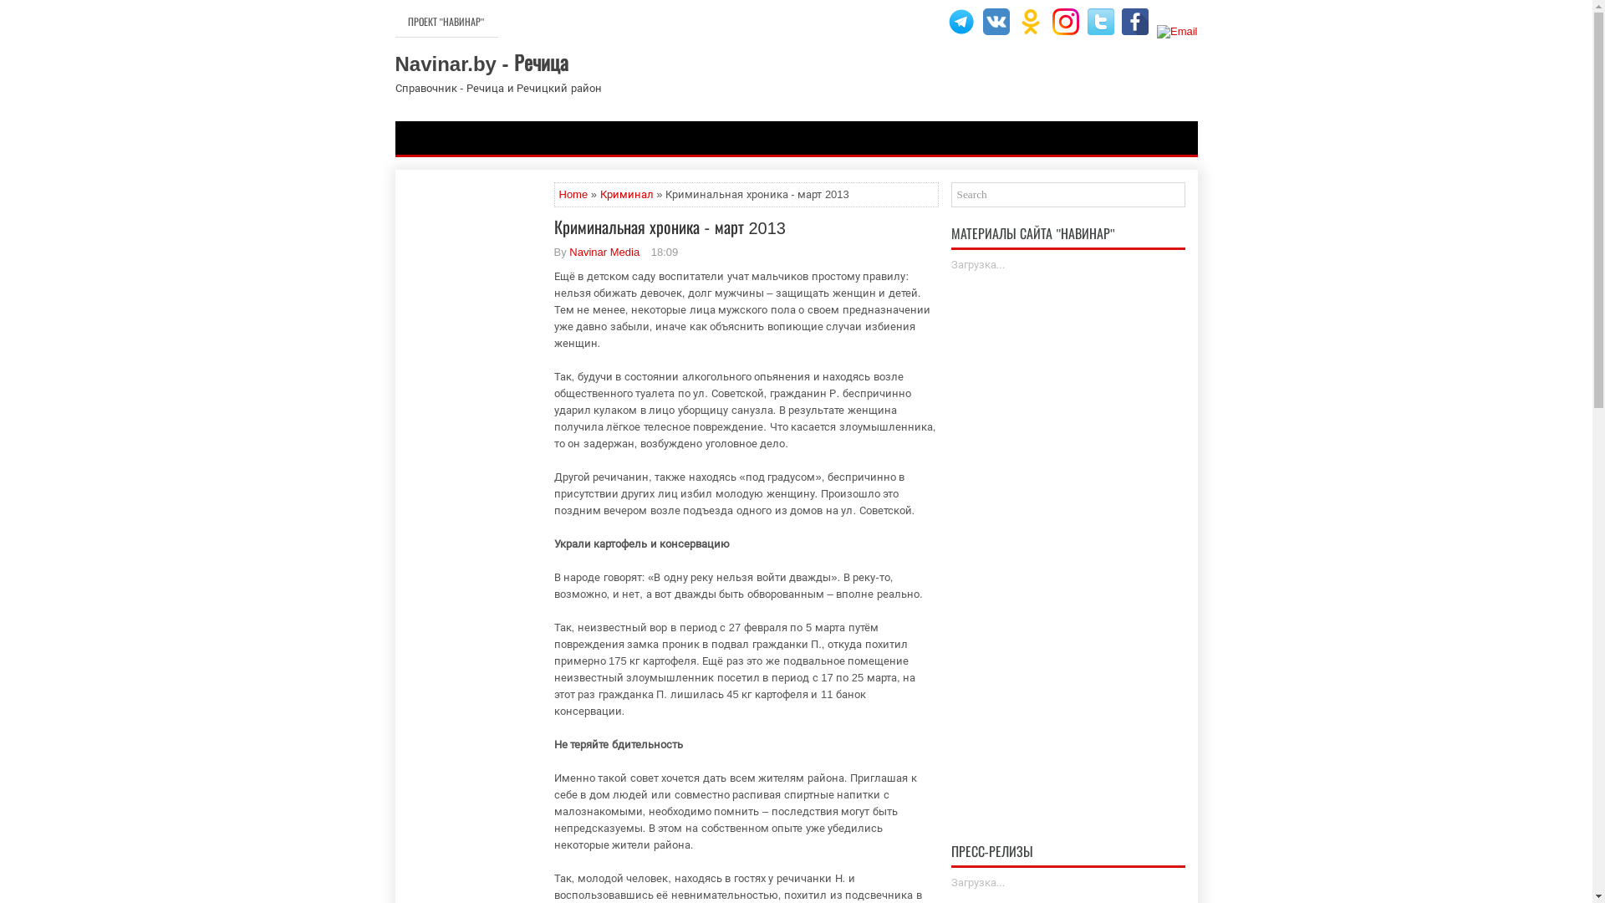 The width and height of the screenshot is (1605, 903). I want to click on 'Facebook', so click(1135, 22).